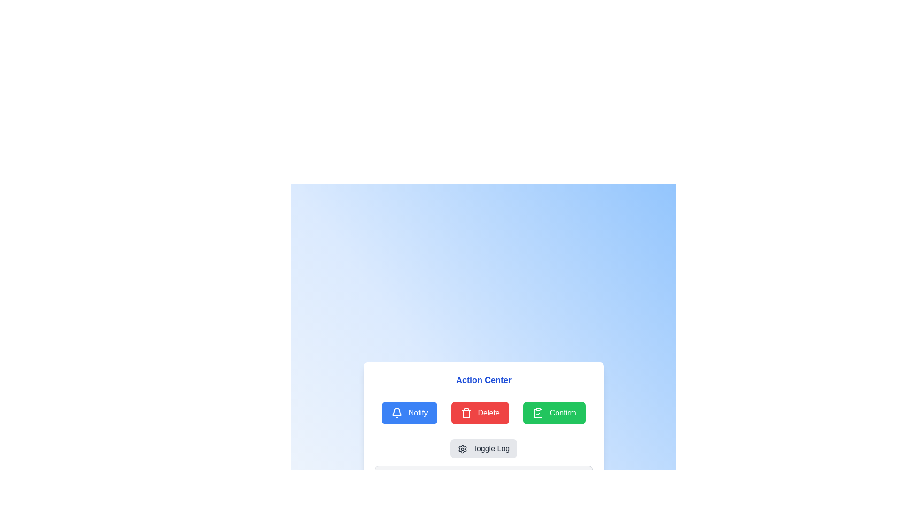 Image resolution: width=901 pixels, height=507 pixels. What do you see at coordinates (462, 449) in the screenshot?
I see `the gear-like icon symbolizing settings` at bounding box center [462, 449].